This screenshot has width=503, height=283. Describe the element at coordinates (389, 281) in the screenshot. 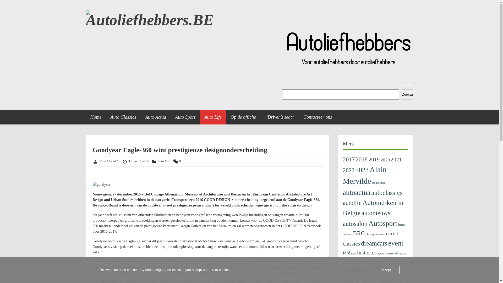

I see `'skoda'` at that location.